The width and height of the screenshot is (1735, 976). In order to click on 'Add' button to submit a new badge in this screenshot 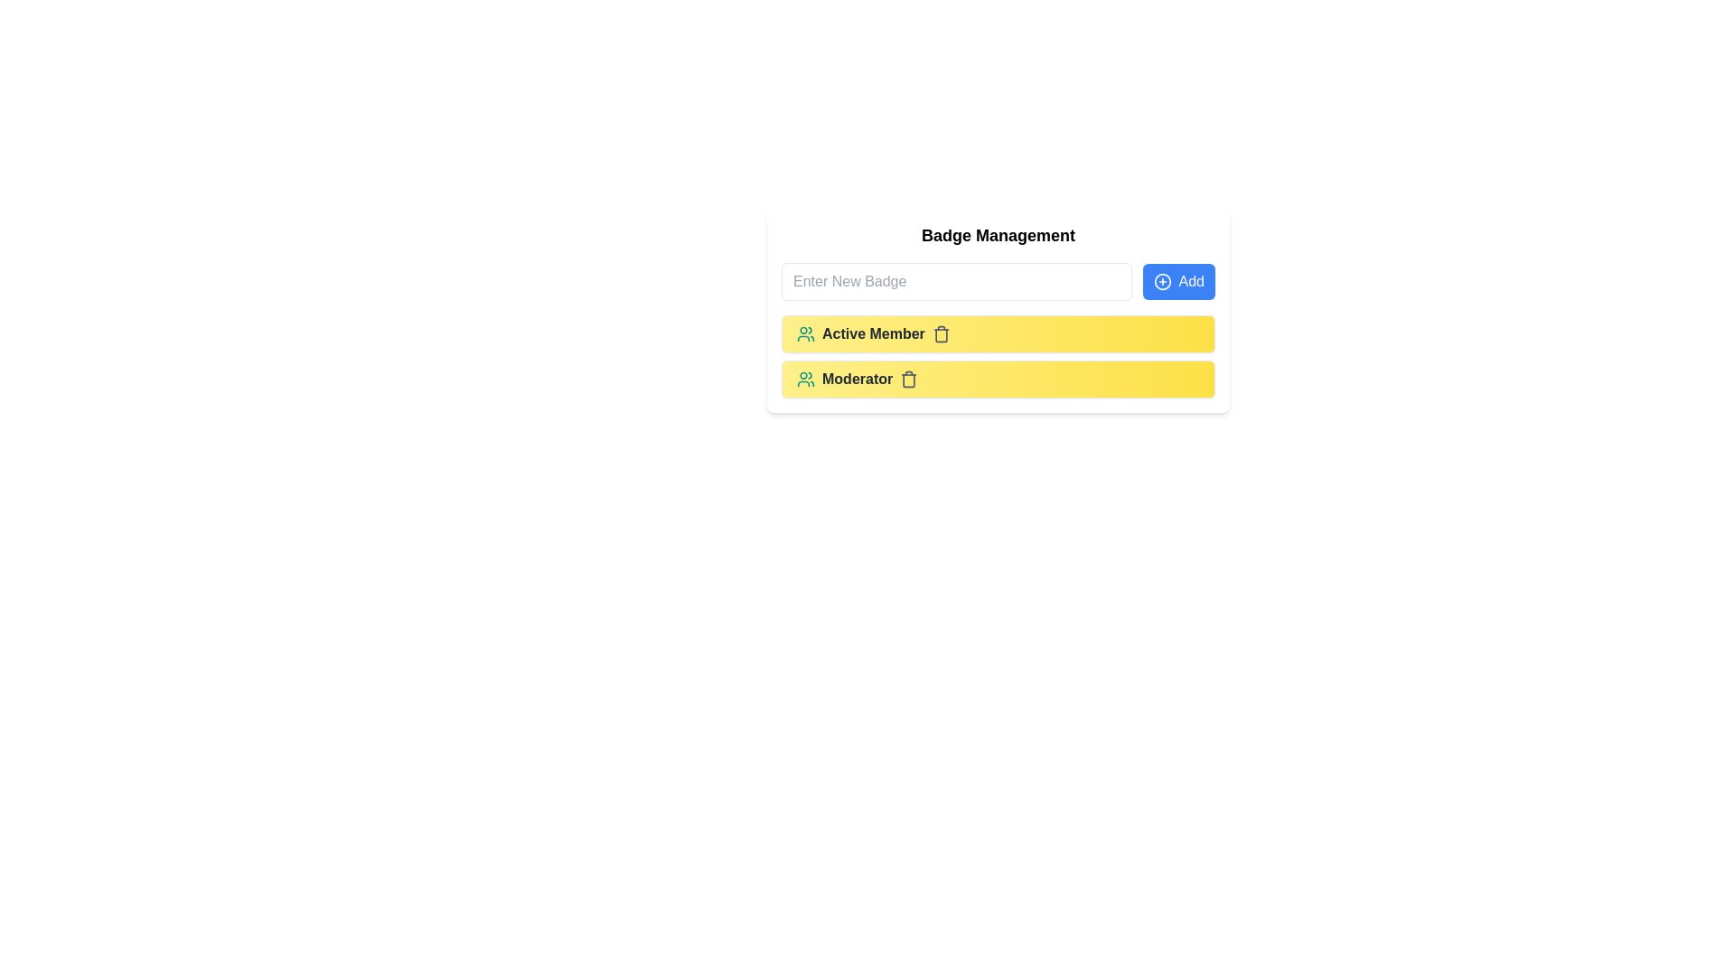, I will do `click(1178, 282)`.